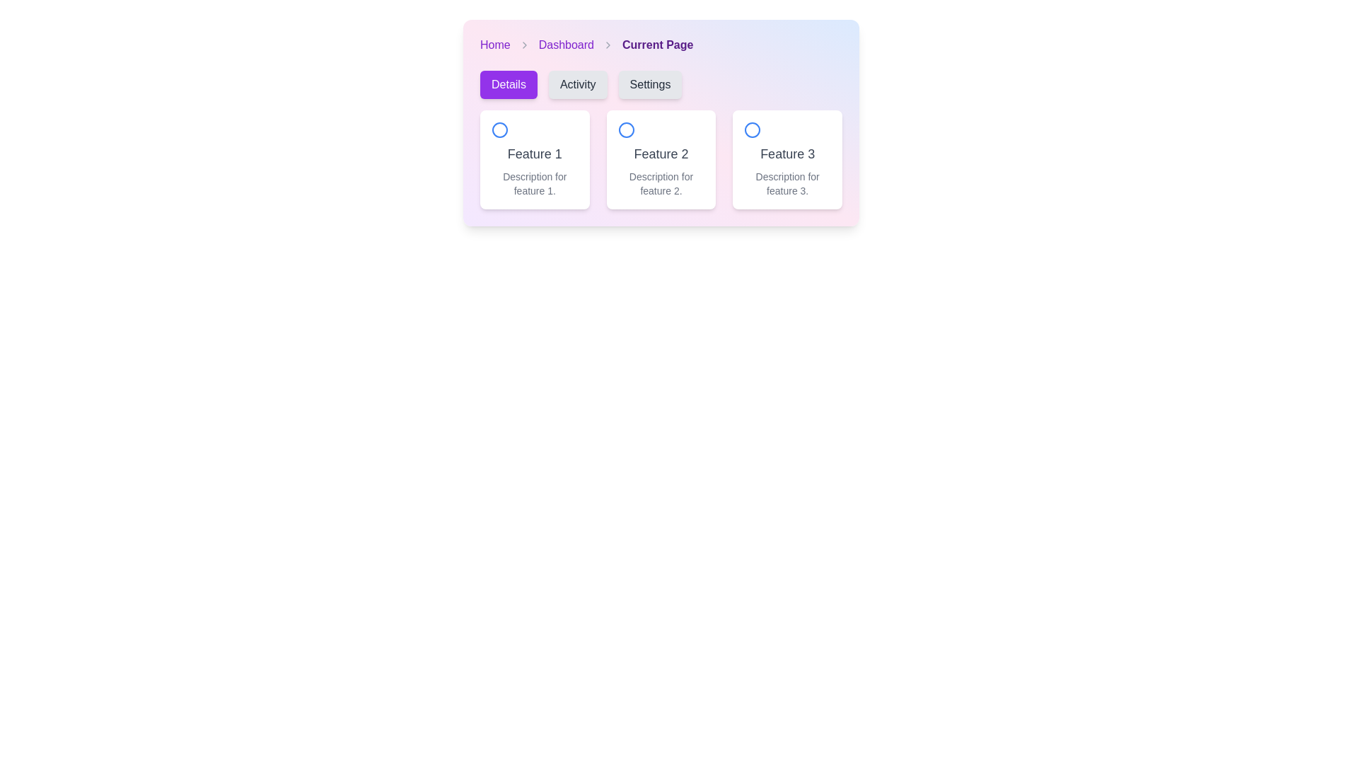 This screenshot has height=764, width=1358. What do you see at coordinates (752, 130) in the screenshot?
I see `the small blue circular icon with a hollow center located centrally within the third card labeled 'Feature 3'` at bounding box center [752, 130].